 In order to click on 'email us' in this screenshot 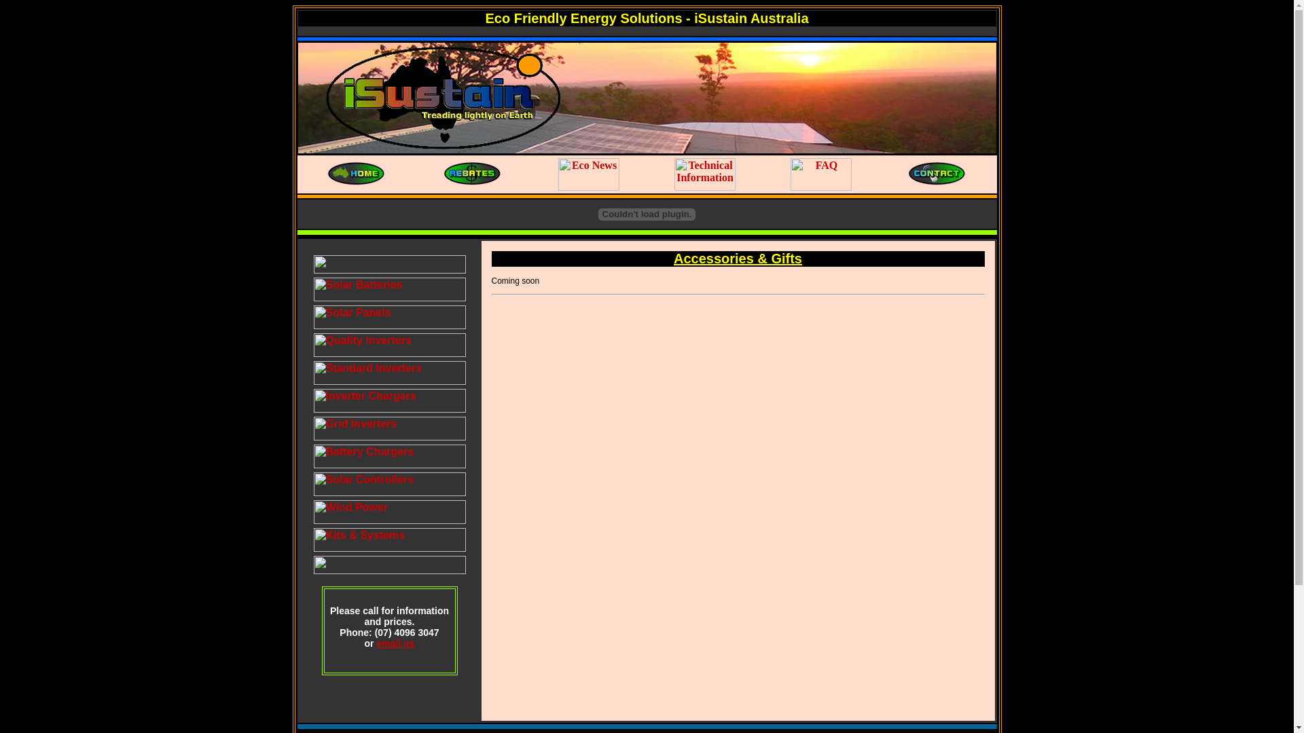, I will do `click(394, 643)`.